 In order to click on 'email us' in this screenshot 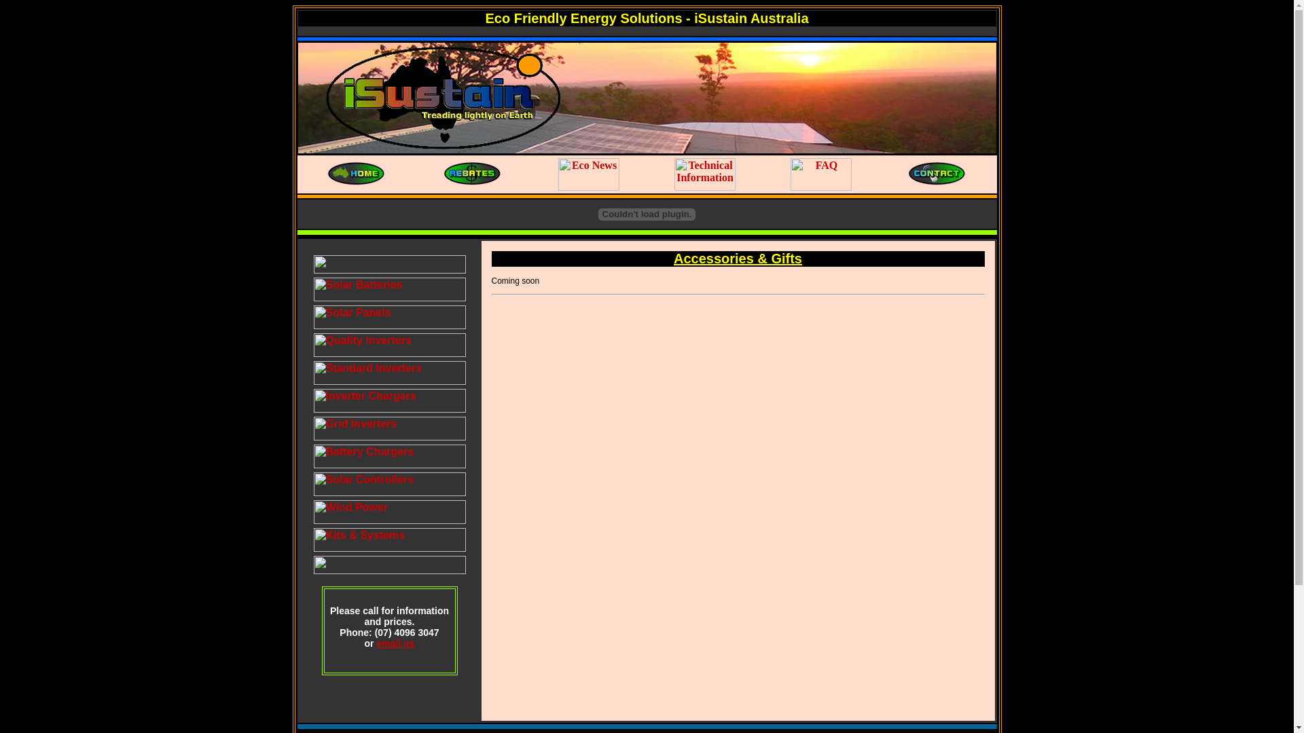, I will do `click(394, 643)`.